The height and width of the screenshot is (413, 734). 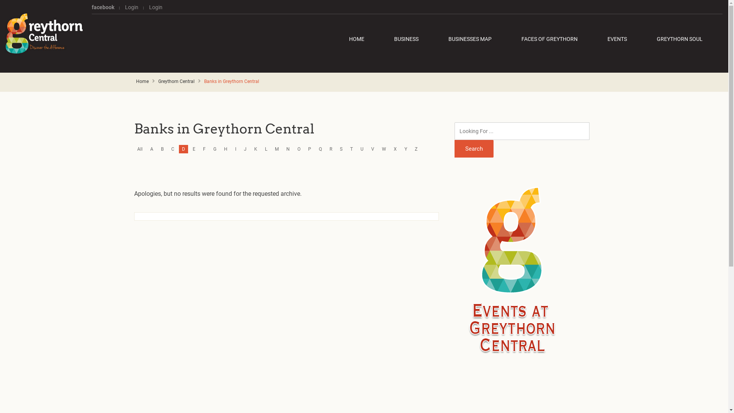 What do you see at coordinates (153, 7) in the screenshot?
I see `'Login'` at bounding box center [153, 7].